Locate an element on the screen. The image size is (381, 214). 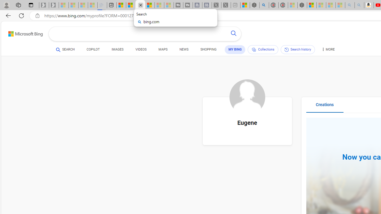
'COPILOT' is located at coordinates (93, 50).